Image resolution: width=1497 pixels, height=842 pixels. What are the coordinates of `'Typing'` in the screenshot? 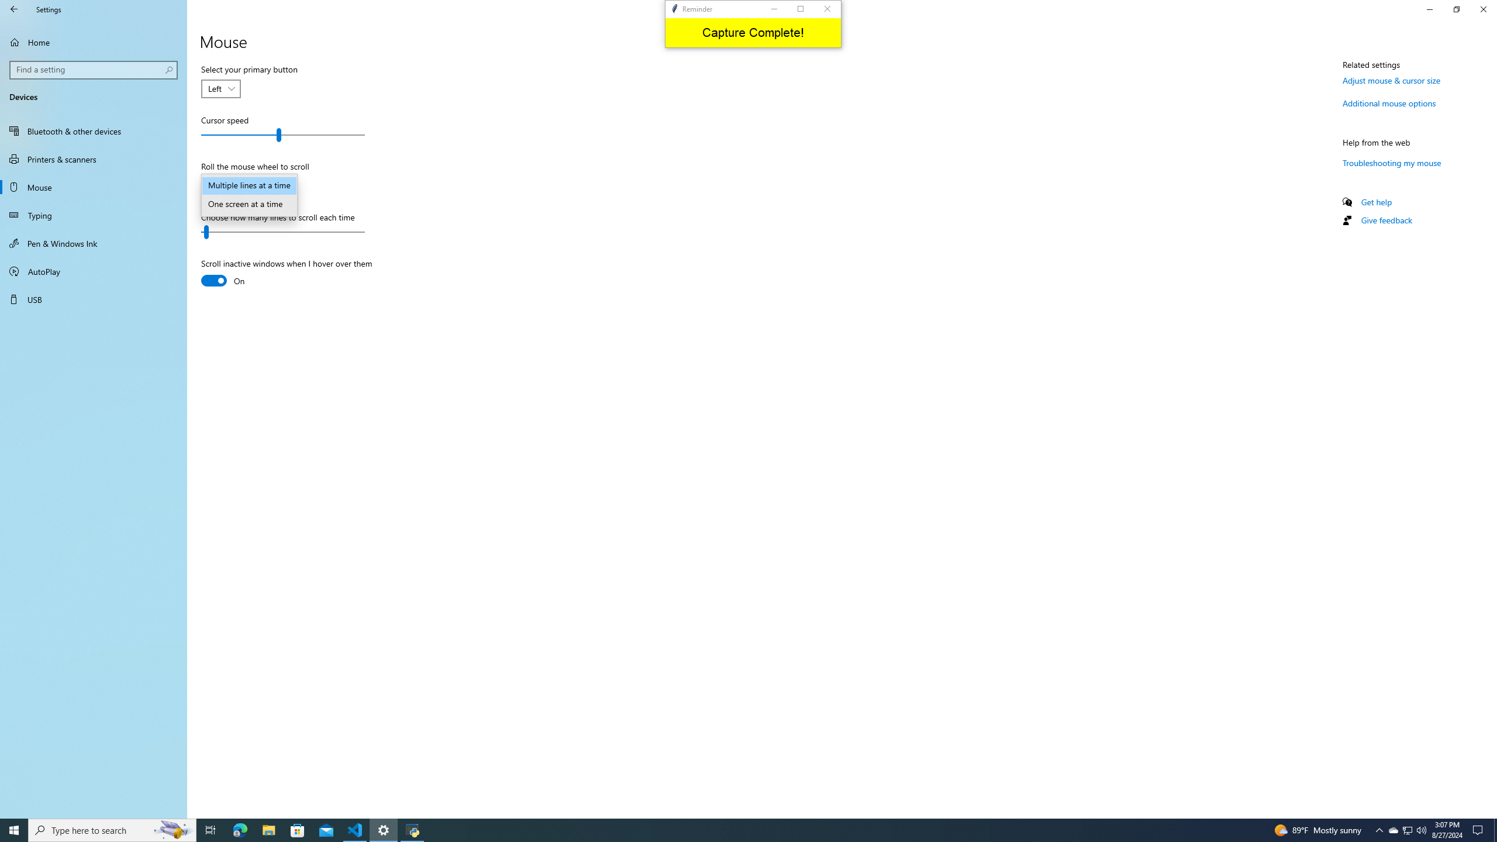 It's located at (93, 215).